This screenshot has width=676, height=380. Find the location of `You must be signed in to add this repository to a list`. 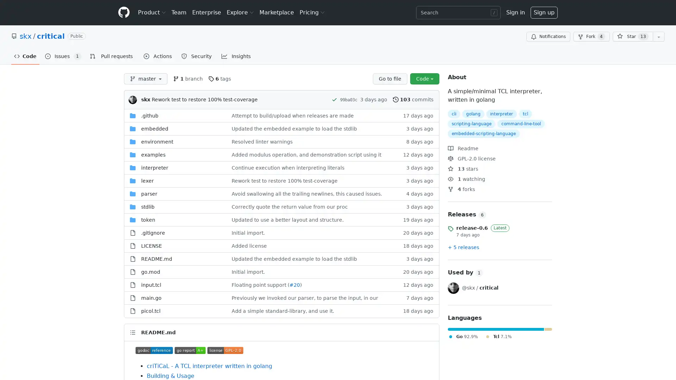

You must be signed in to add this repository to a list is located at coordinates (658, 37).